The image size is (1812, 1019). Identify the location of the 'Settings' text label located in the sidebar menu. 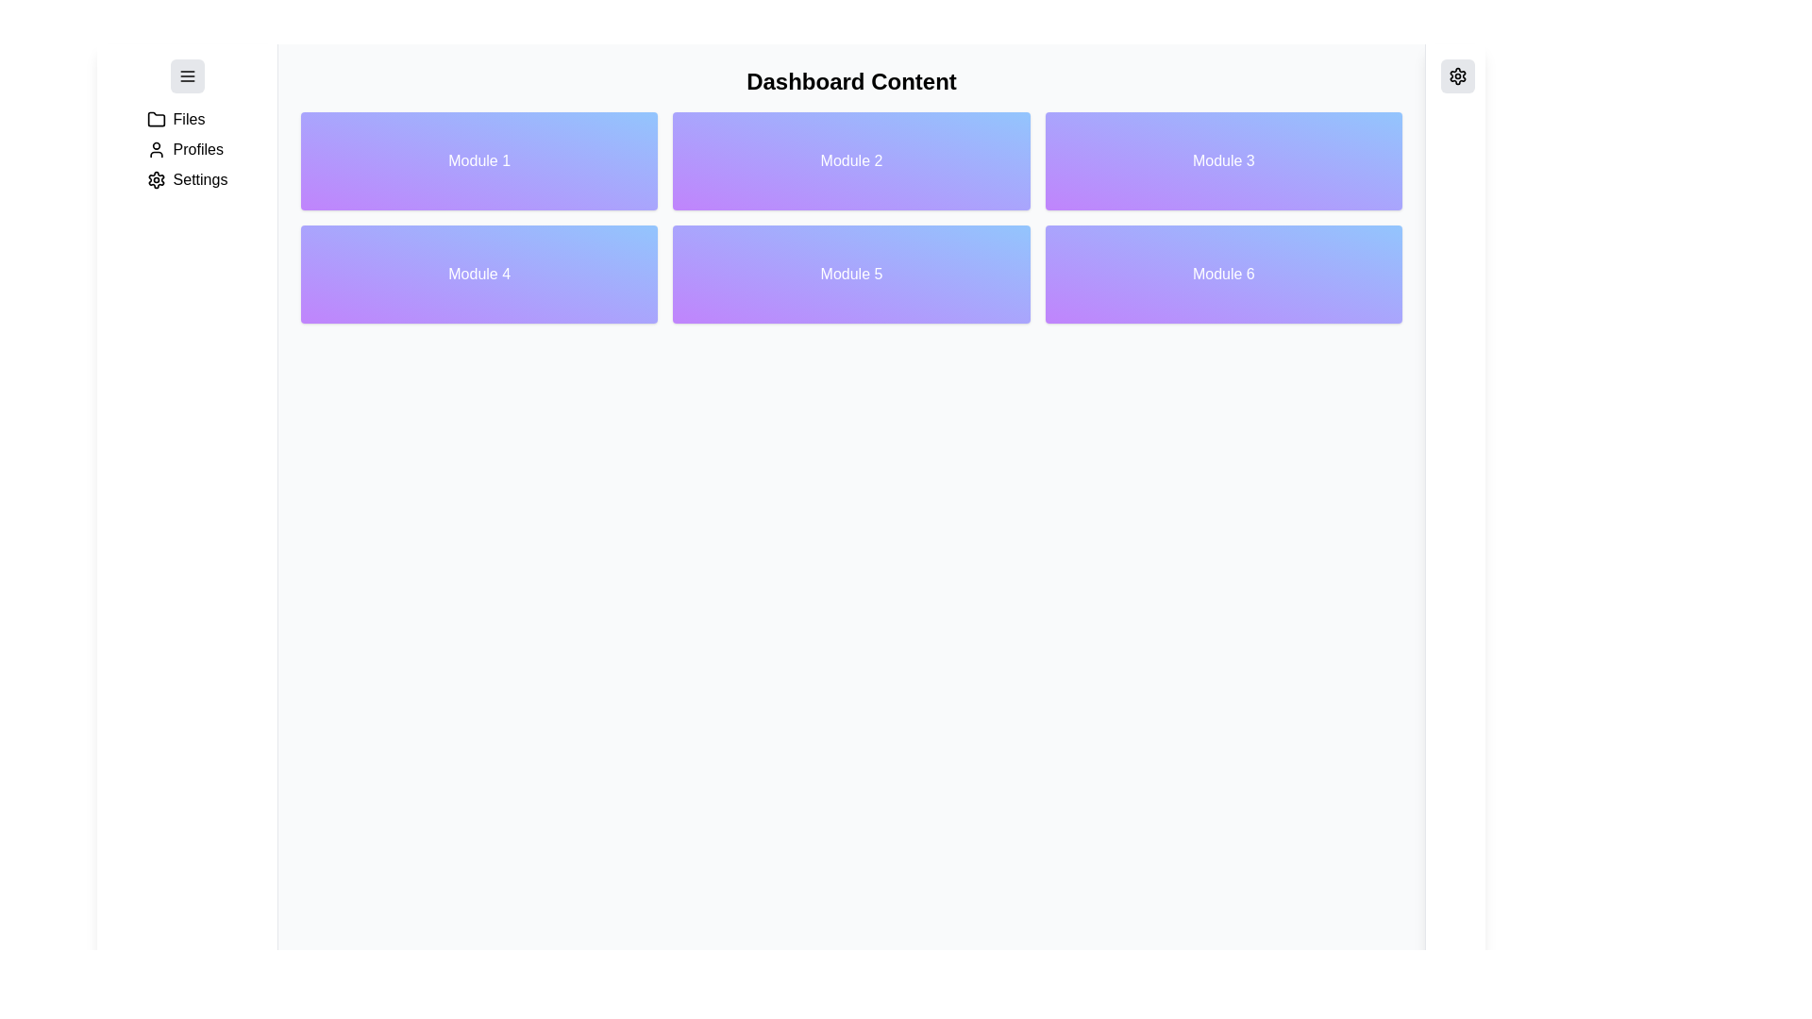
(200, 180).